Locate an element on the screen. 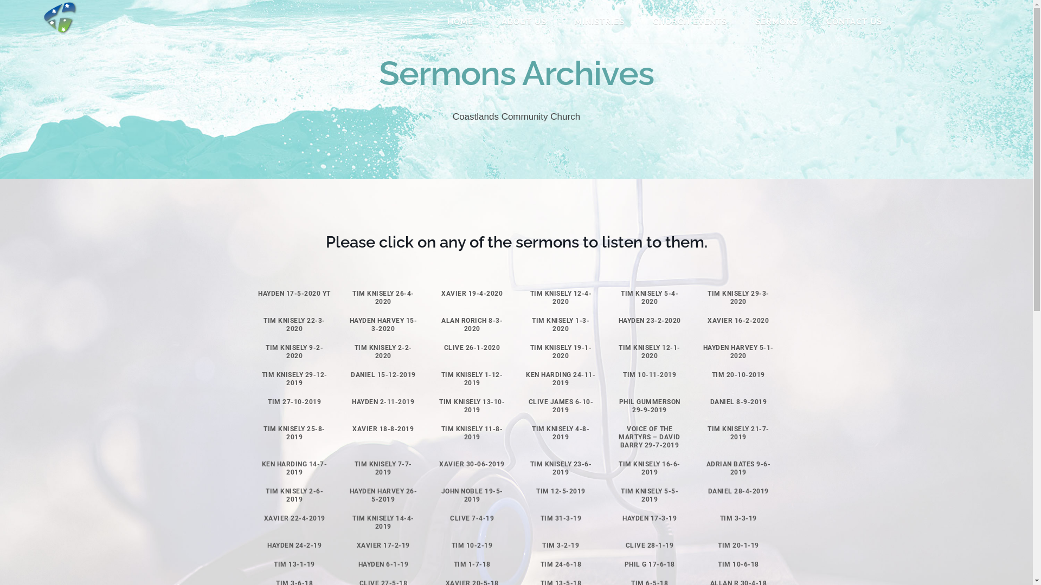 This screenshot has height=585, width=1041. 'DANIEL 15-12-2019' is located at coordinates (383, 374).